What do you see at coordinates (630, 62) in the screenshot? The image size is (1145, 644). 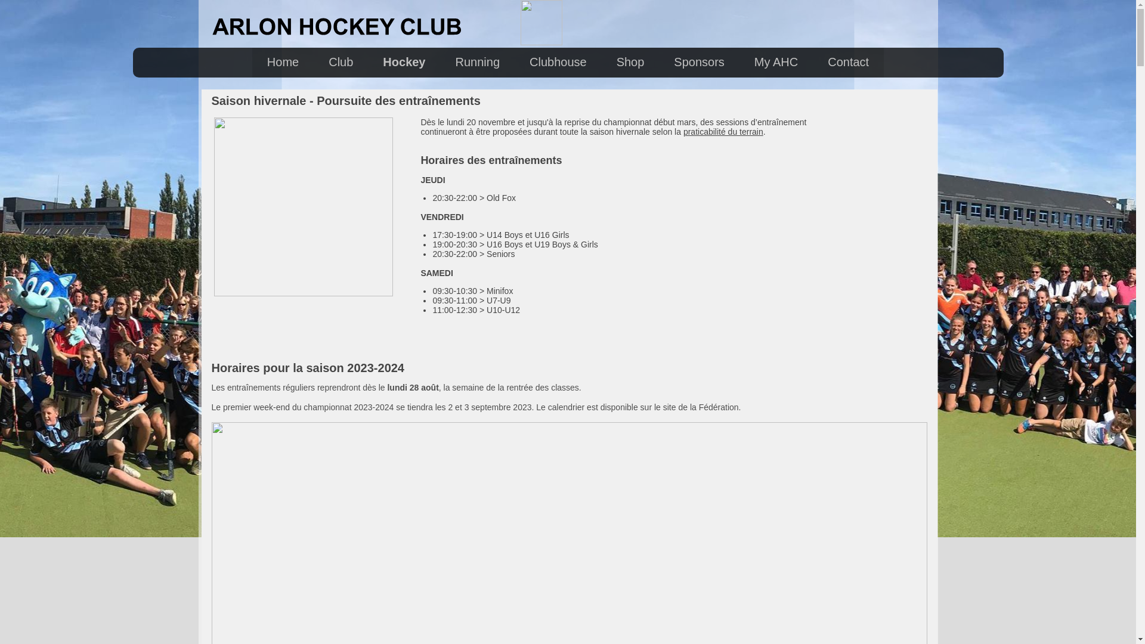 I see `'Shop'` at bounding box center [630, 62].